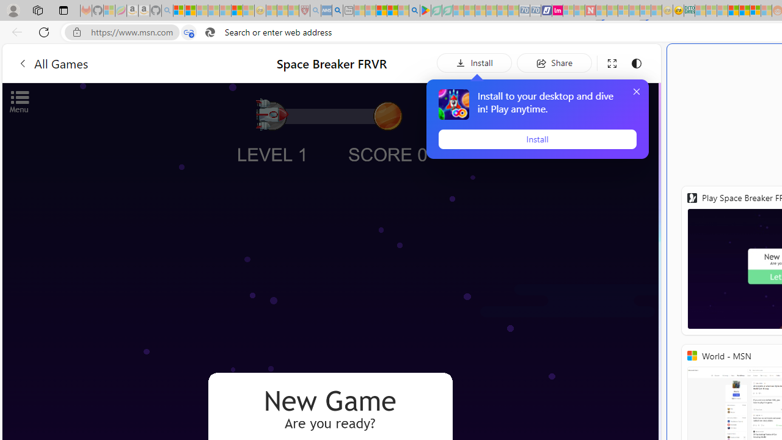 The height and width of the screenshot is (440, 782). I want to click on 'Jobs - lastminute.com Investor Portal', so click(557, 10).